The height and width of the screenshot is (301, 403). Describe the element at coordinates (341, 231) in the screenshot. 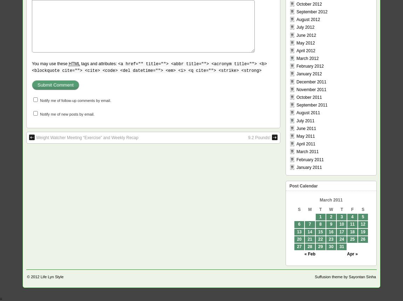

I see `'17'` at that location.